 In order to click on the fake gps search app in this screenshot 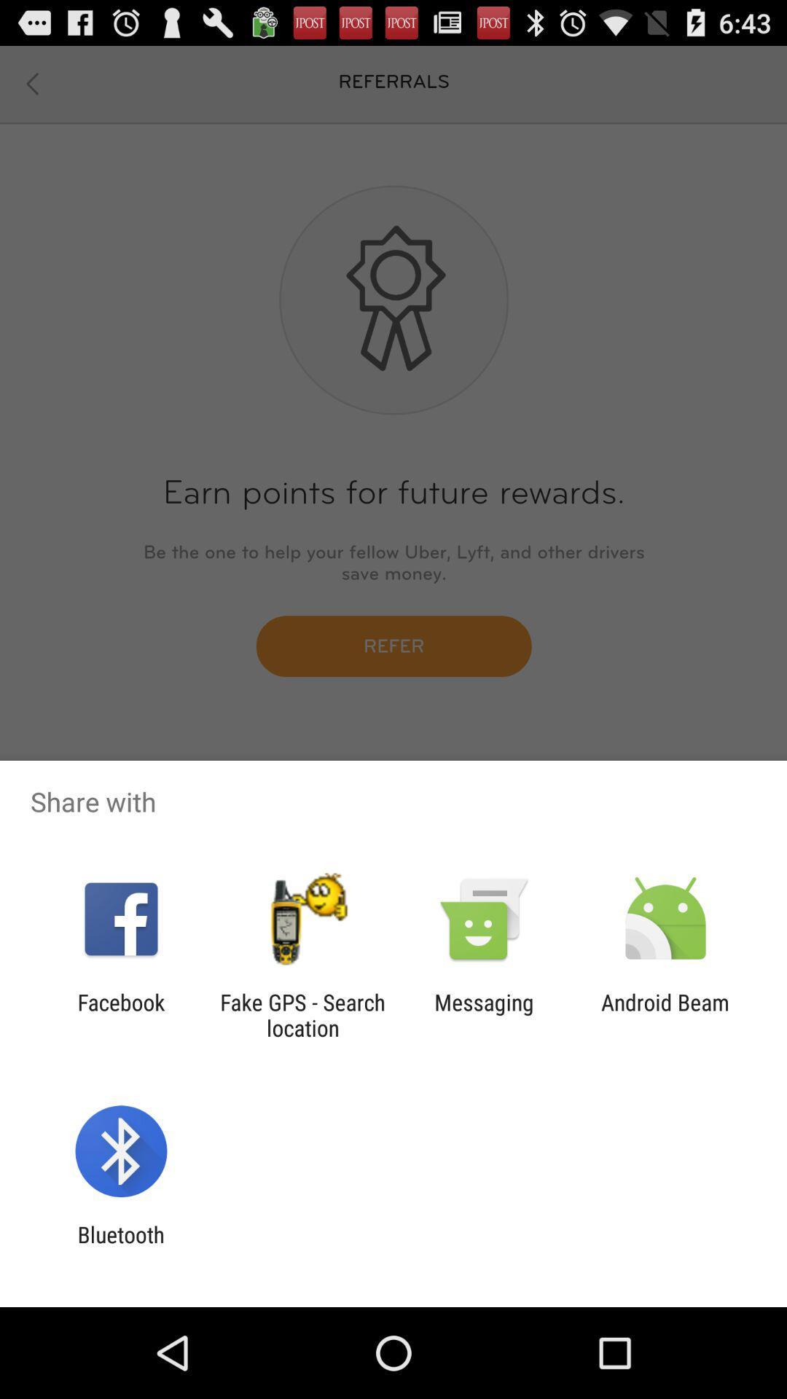, I will do `click(302, 1014)`.